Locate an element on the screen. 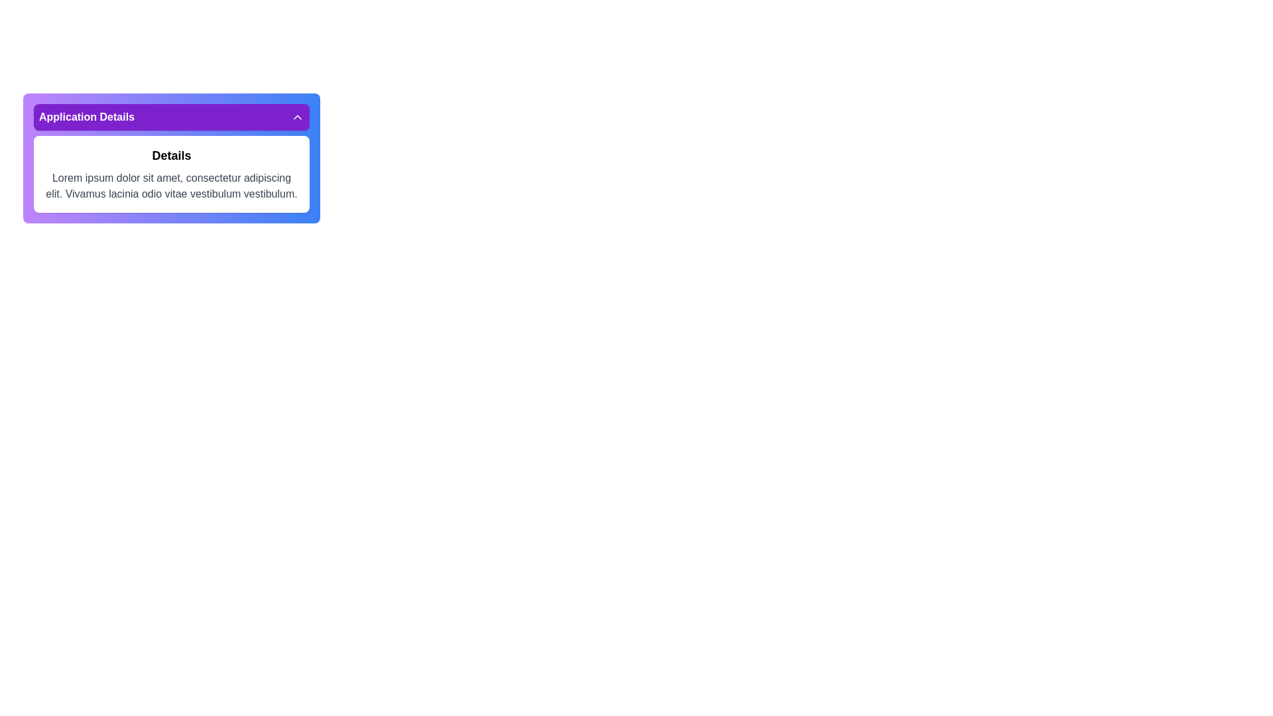 The width and height of the screenshot is (1273, 716). the text label element displaying the paragraph styled in gray font, contained within a white background panel beneath the 'Details' subtitle in the 'Application Details' card is located at coordinates (171, 186).